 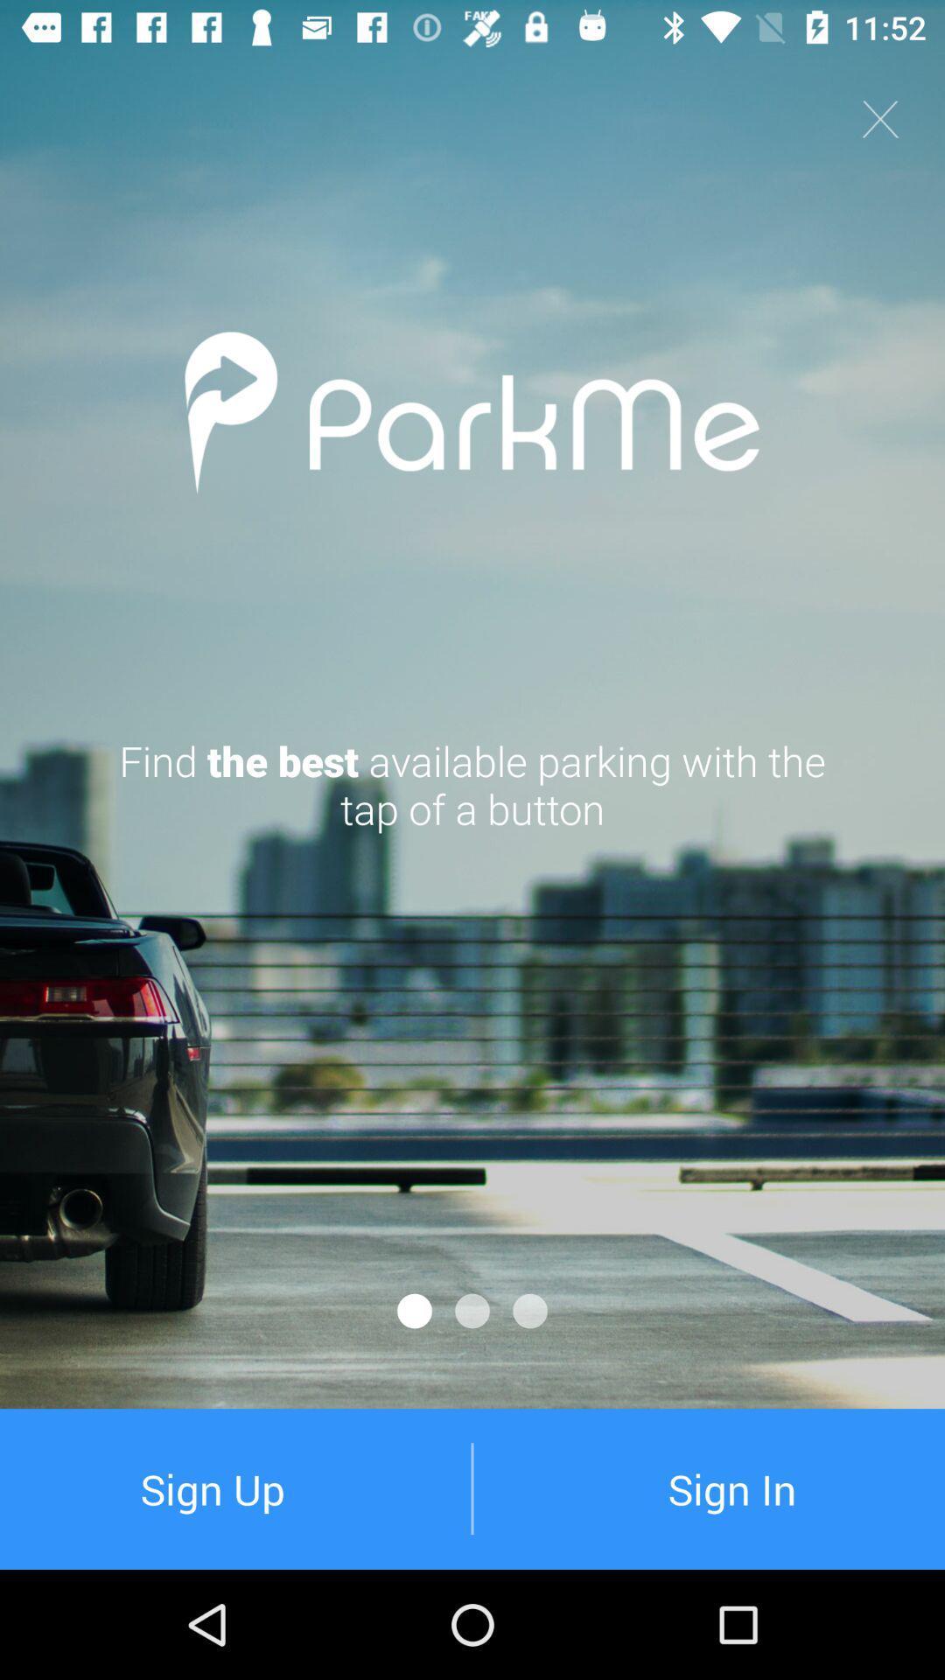 What do you see at coordinates (880, 118) in the screenshot?
I see `the close icon` at bounding box center [880, 118].